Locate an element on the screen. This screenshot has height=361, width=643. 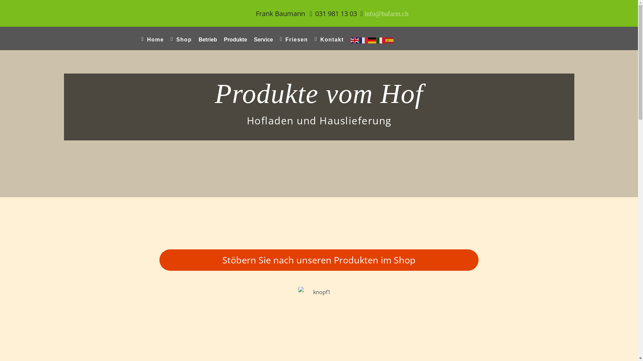
'info@bafarm.ch' is located at coordinates (386, 14).